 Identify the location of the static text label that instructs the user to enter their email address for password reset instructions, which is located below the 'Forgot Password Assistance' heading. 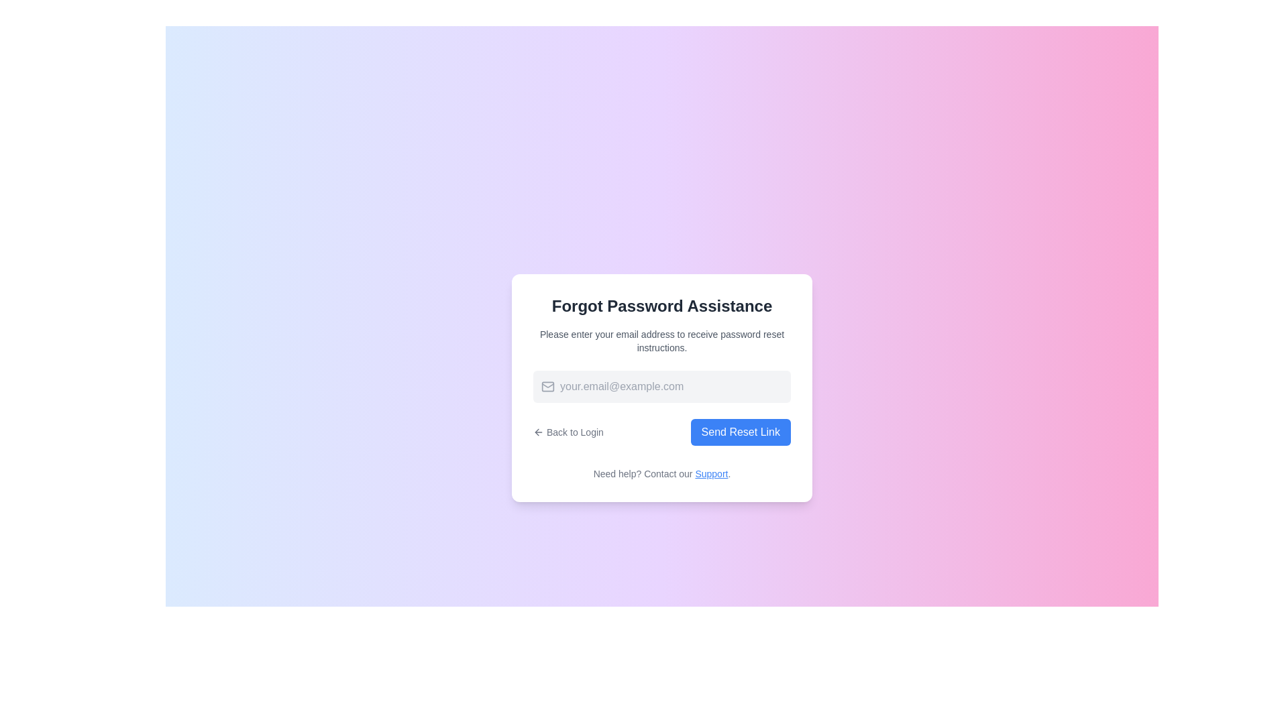
(662, 341).